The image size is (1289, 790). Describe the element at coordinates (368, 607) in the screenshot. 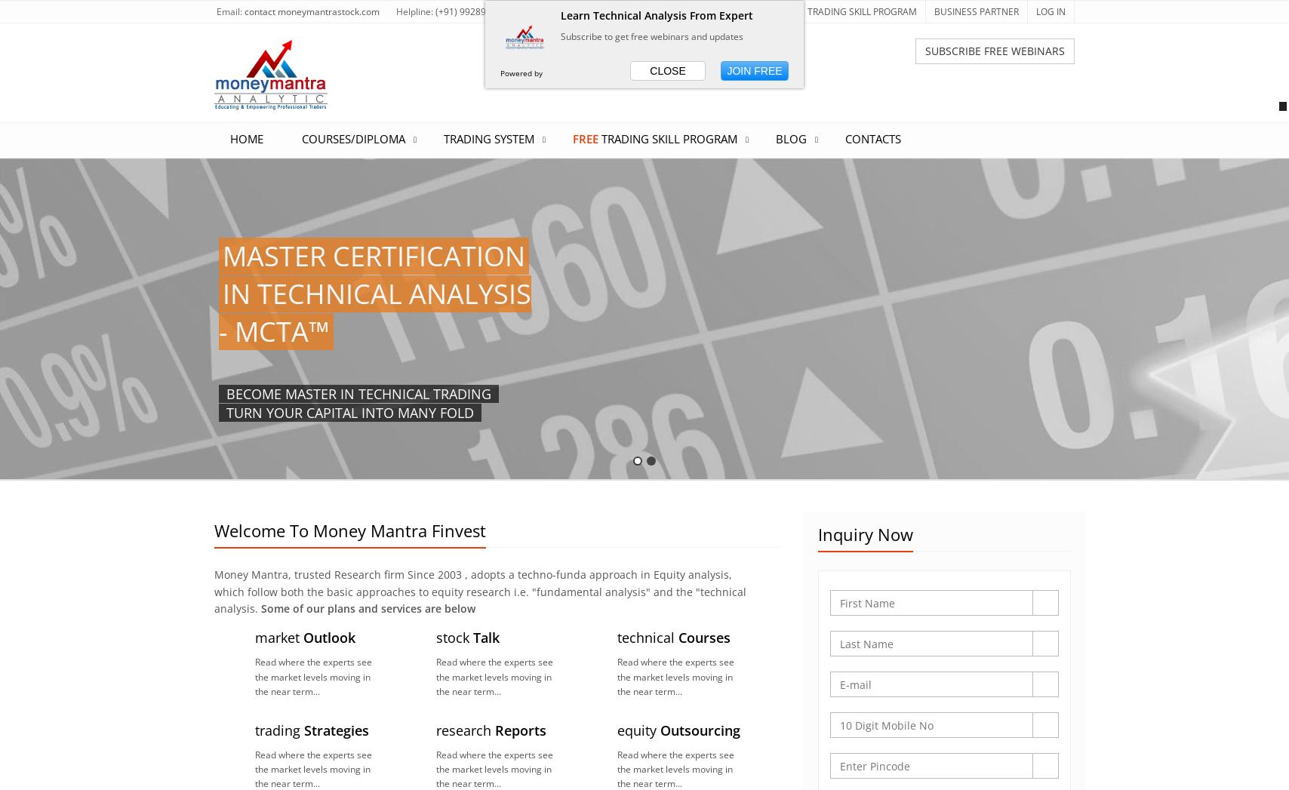

I see `'Some of our plans and services are below'` at that location.